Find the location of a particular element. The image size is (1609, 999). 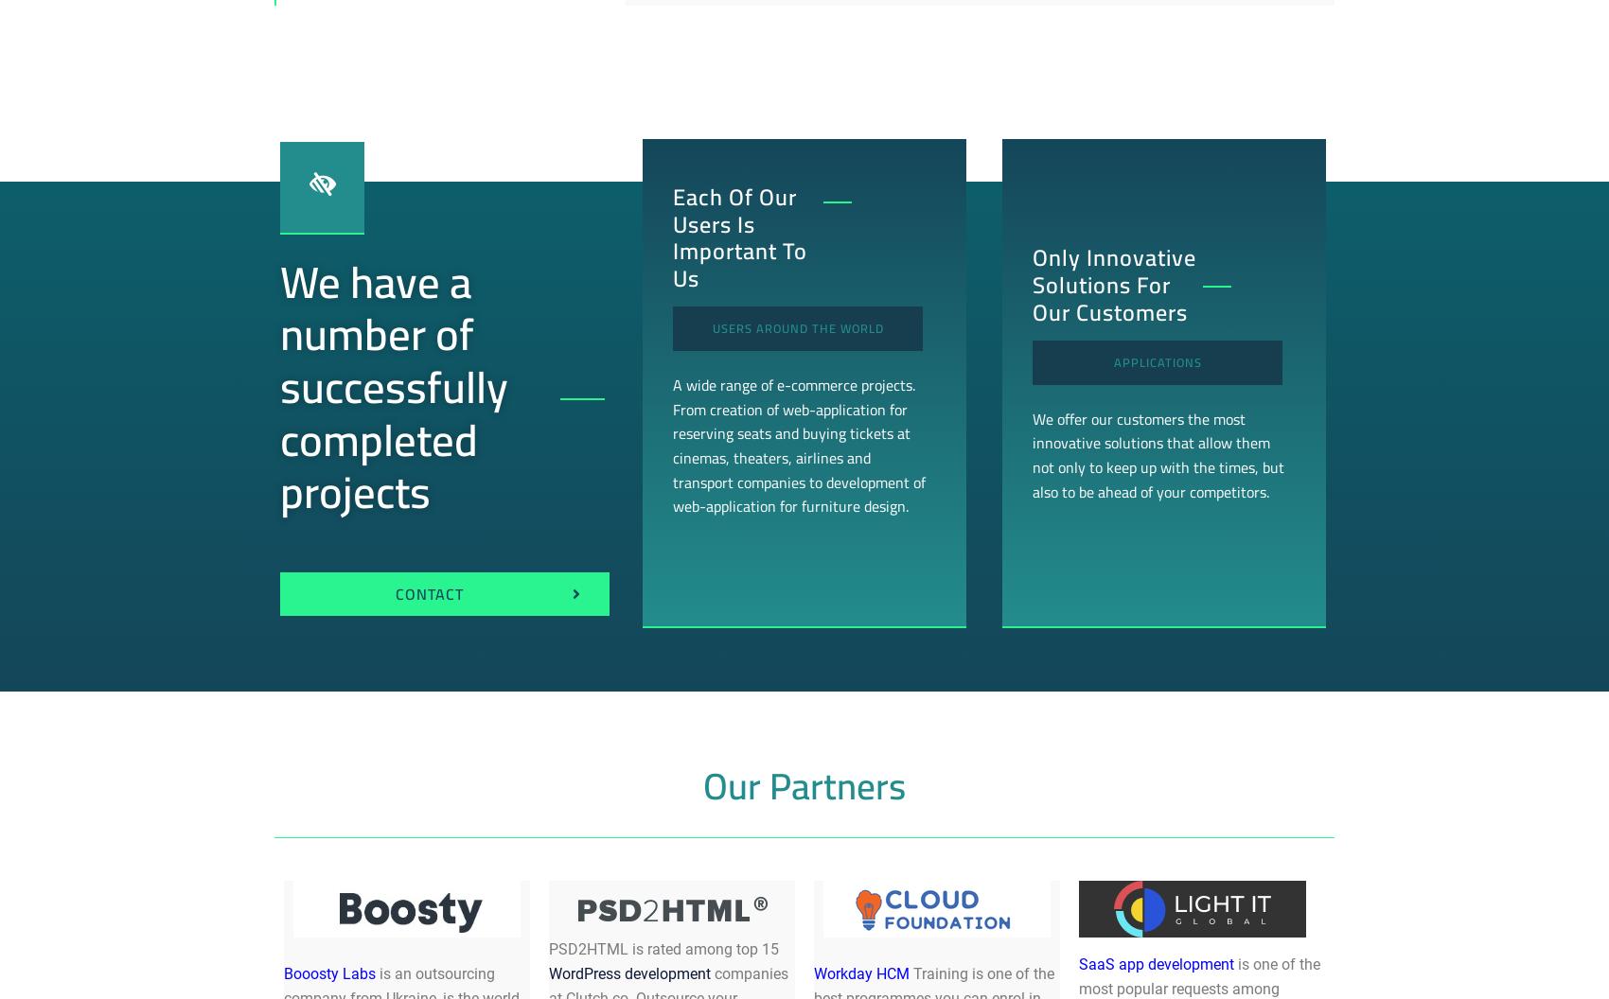

'Contact' is located at coordinates (429, 592).